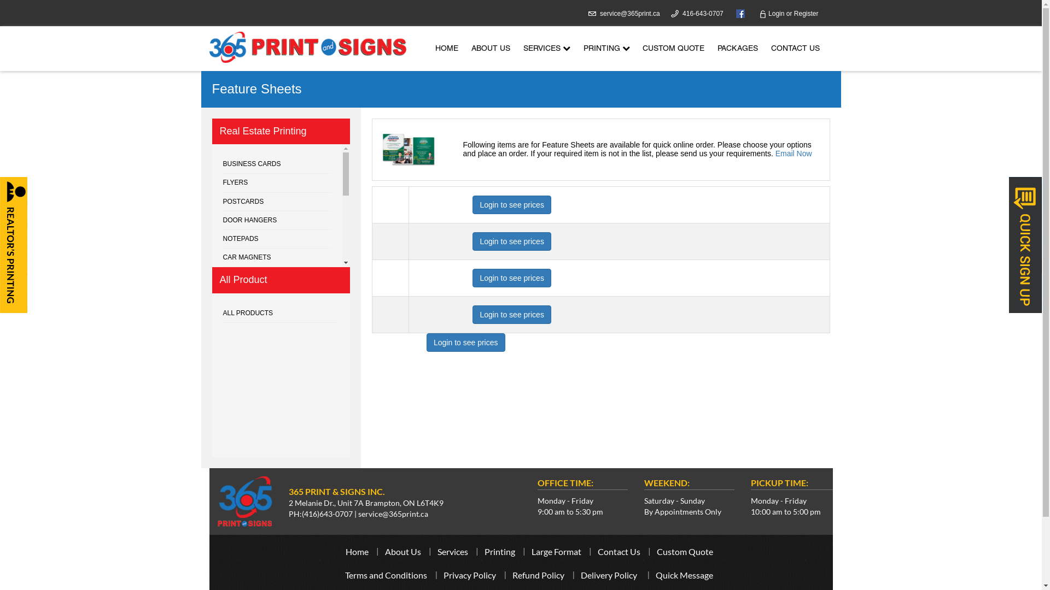  What do you see at coordinates (703, 13) in the screenshot?
I see `'416-643-0707'` at bounding box center [703, 13].